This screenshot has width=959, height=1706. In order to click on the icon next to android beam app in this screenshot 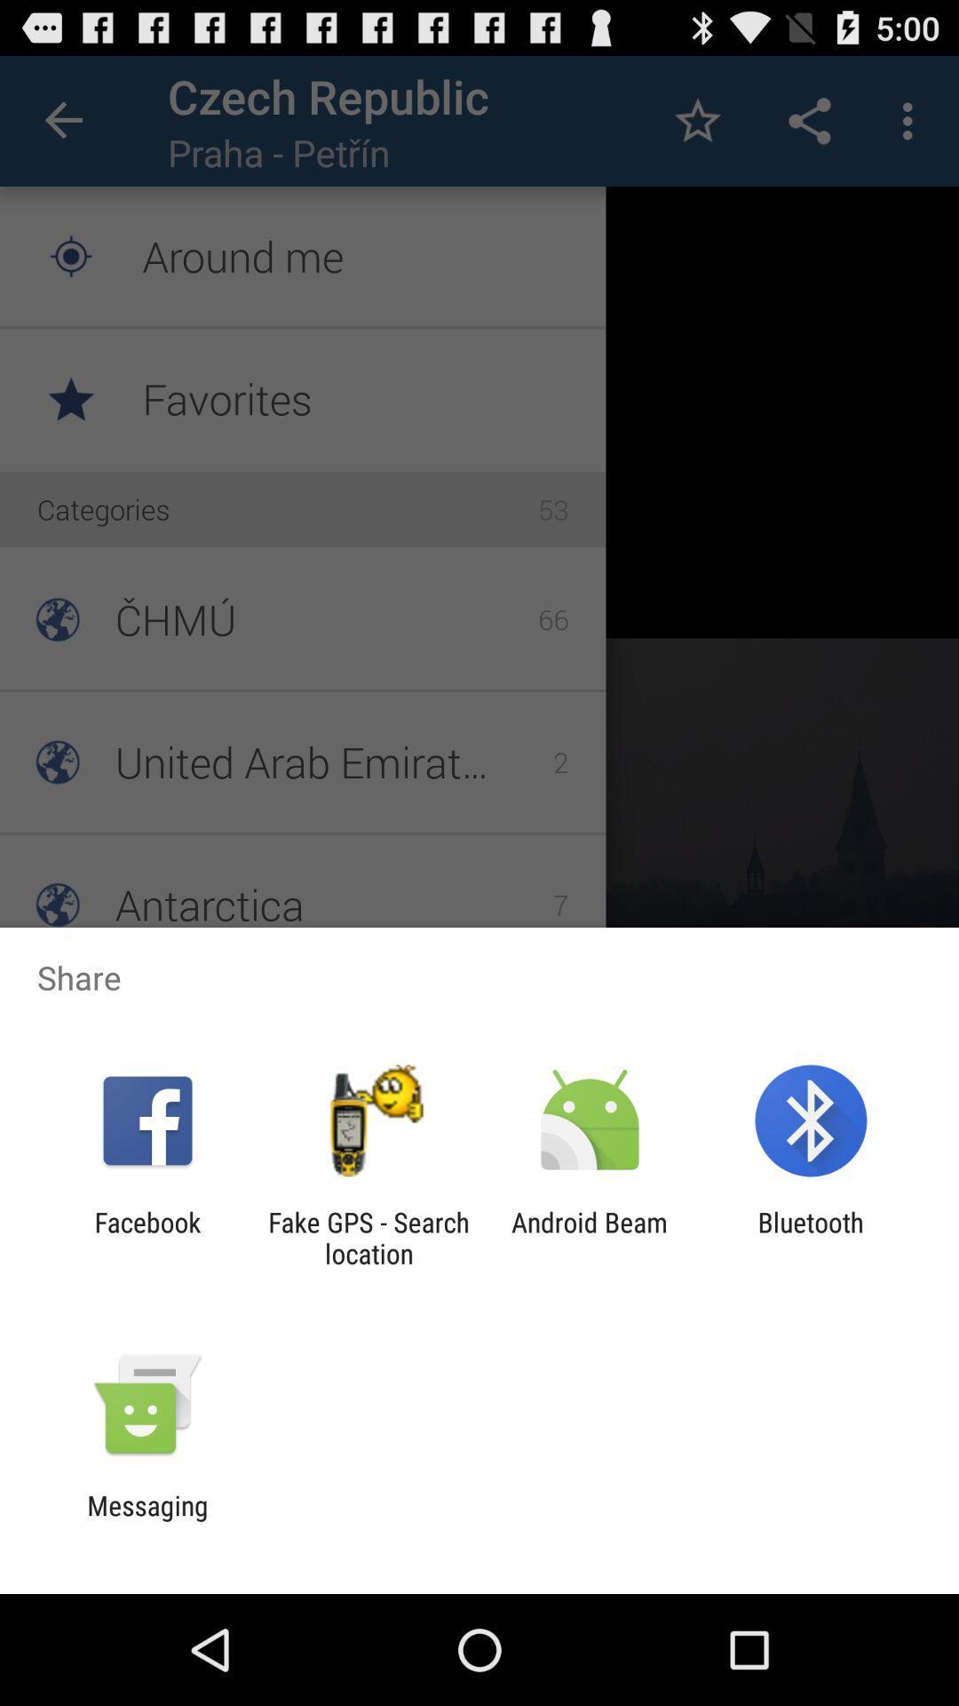, I will do `click(368, 1237)`.